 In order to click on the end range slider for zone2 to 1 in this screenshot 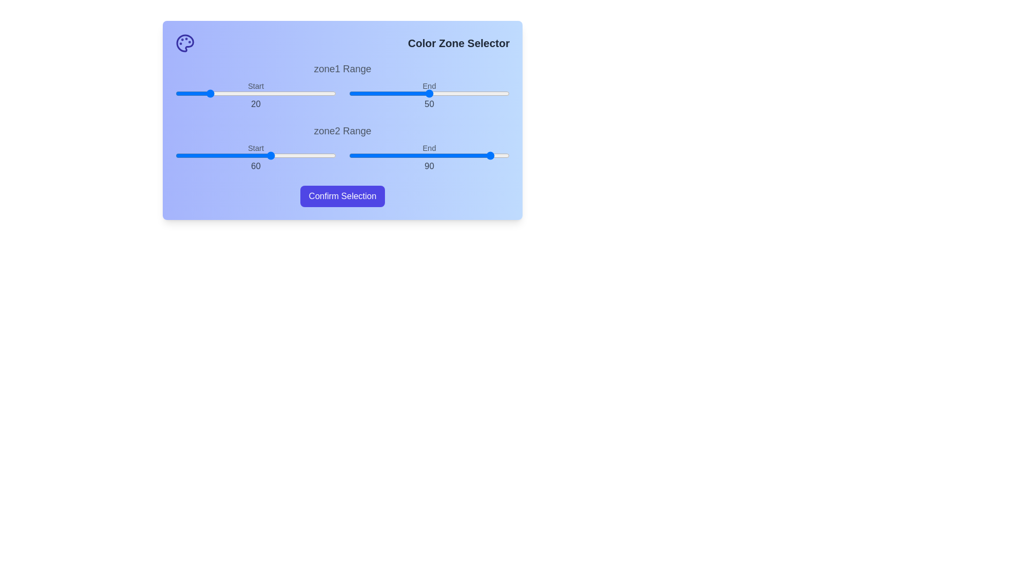, I will do `click(350, 155)`.